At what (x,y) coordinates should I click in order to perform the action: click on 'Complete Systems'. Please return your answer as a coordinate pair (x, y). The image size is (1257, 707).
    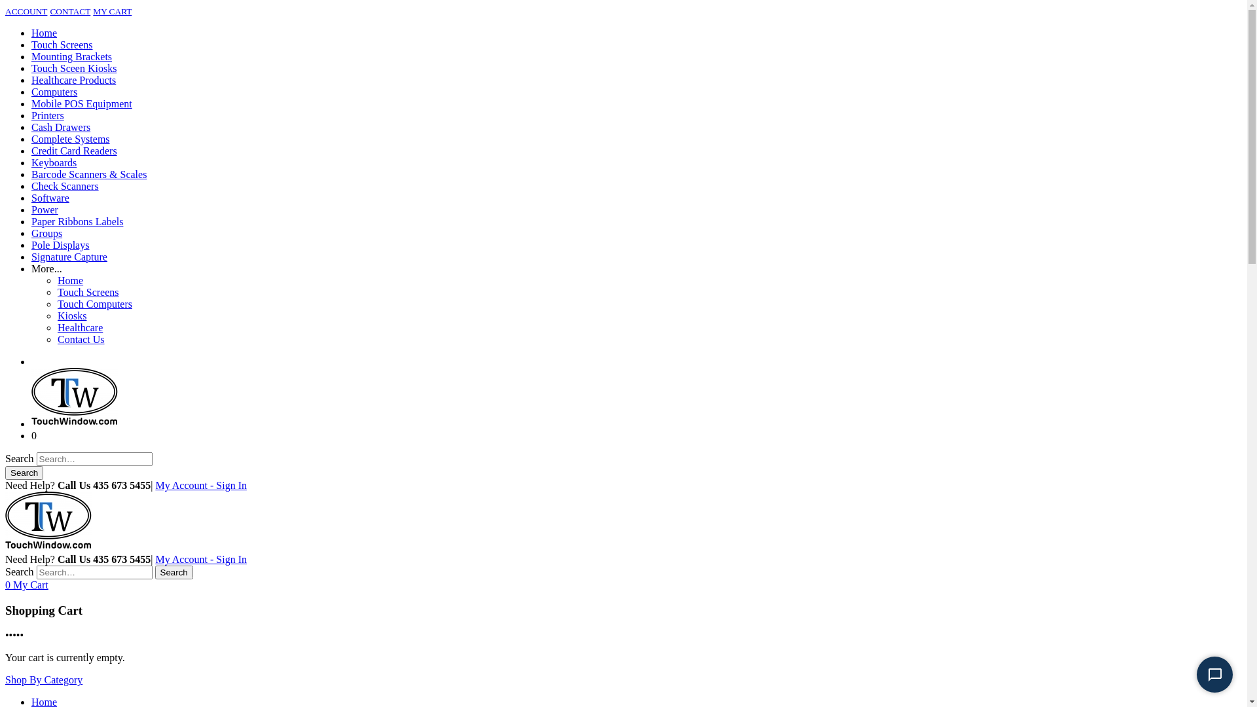
    Looking at the image, I should click on (31, 139).